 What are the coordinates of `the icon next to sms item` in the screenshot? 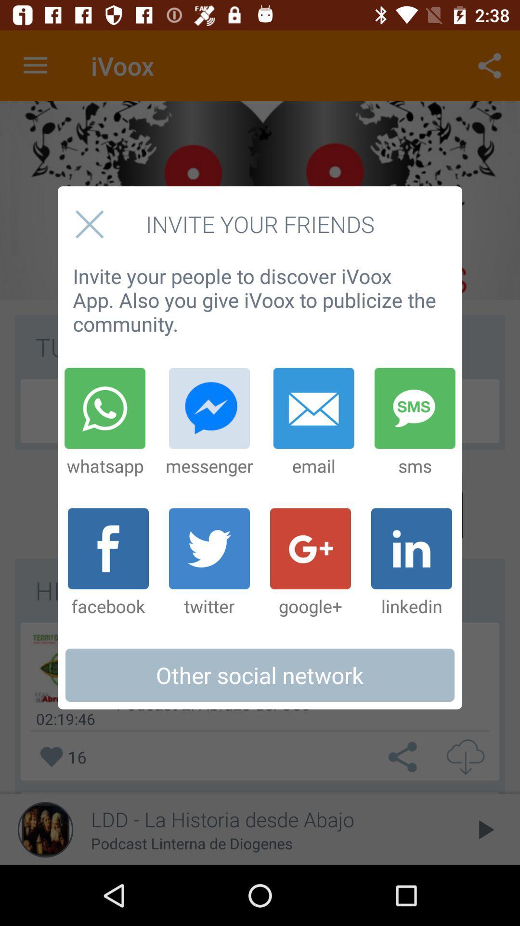 It's located at (313, 422).